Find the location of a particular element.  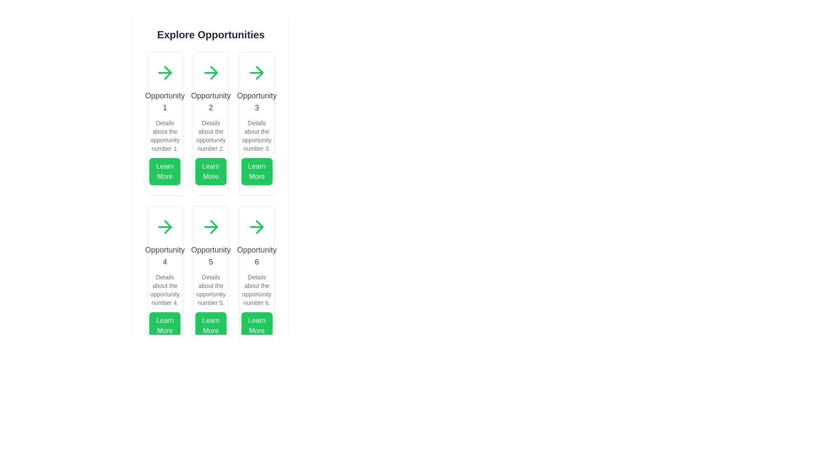

the arrow icon located at the top-center of the panel in the third column under the 'Explore Opportunities' header for direction indication is located at coordinates (256, 72).